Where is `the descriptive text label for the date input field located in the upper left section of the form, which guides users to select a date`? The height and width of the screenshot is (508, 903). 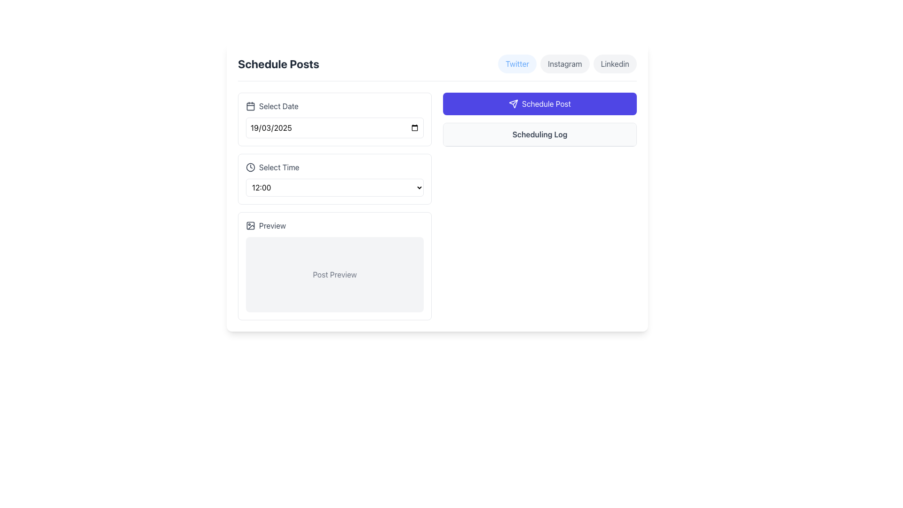
the descriptive text label for the date input field located in the upper left section of the form, which guides users to select a date is located at coordinates (278, 106).